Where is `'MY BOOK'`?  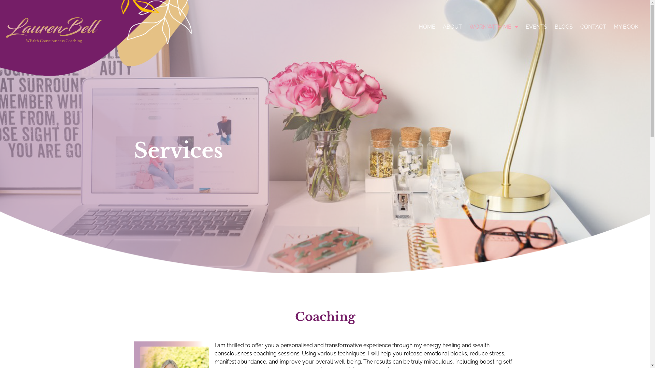
'MY BOOK' is located at coordinates (626, 26).